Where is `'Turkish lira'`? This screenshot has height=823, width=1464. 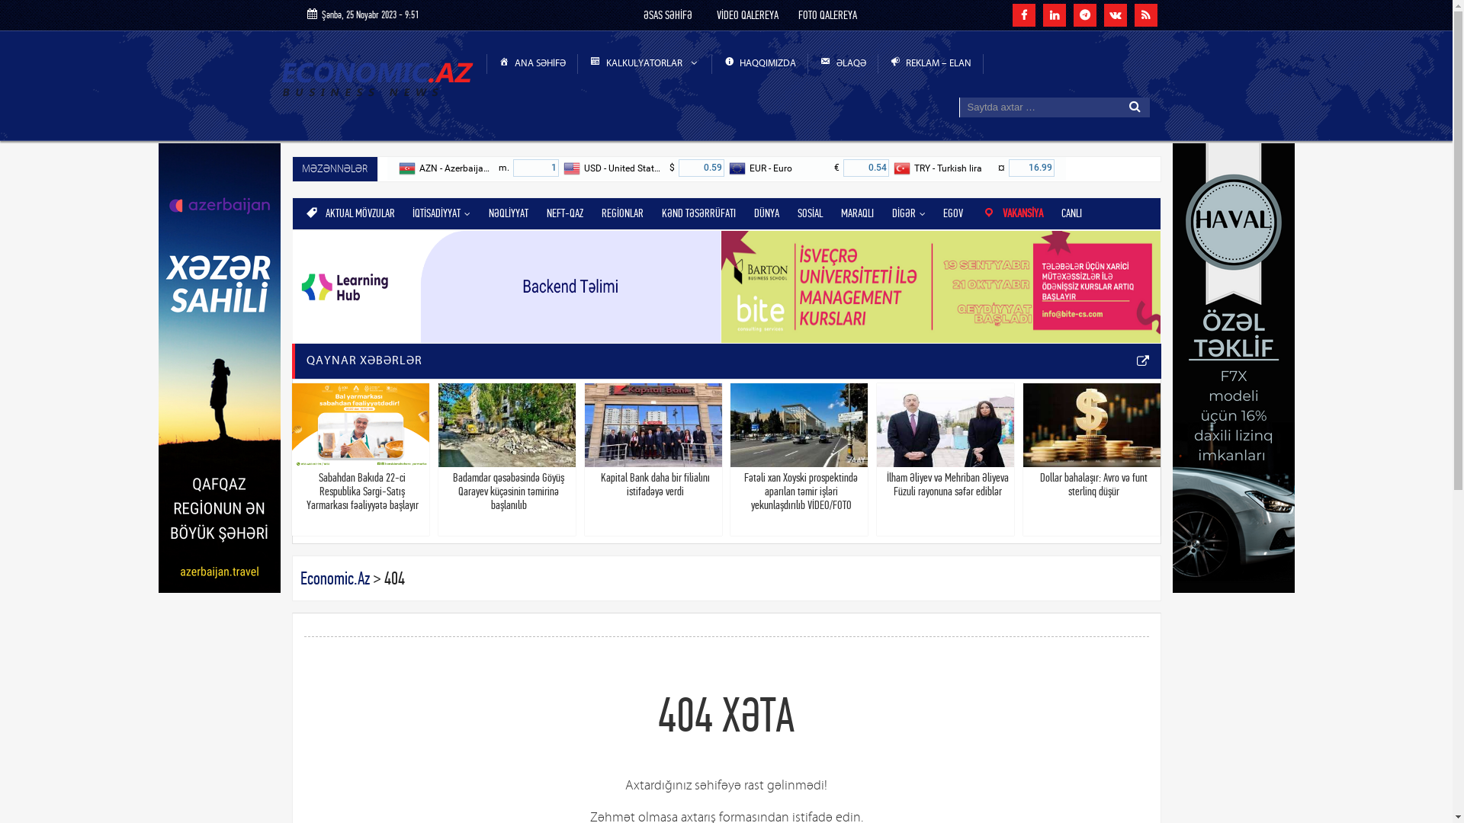 'Turkish lira' is located at coordinates (903, 168).